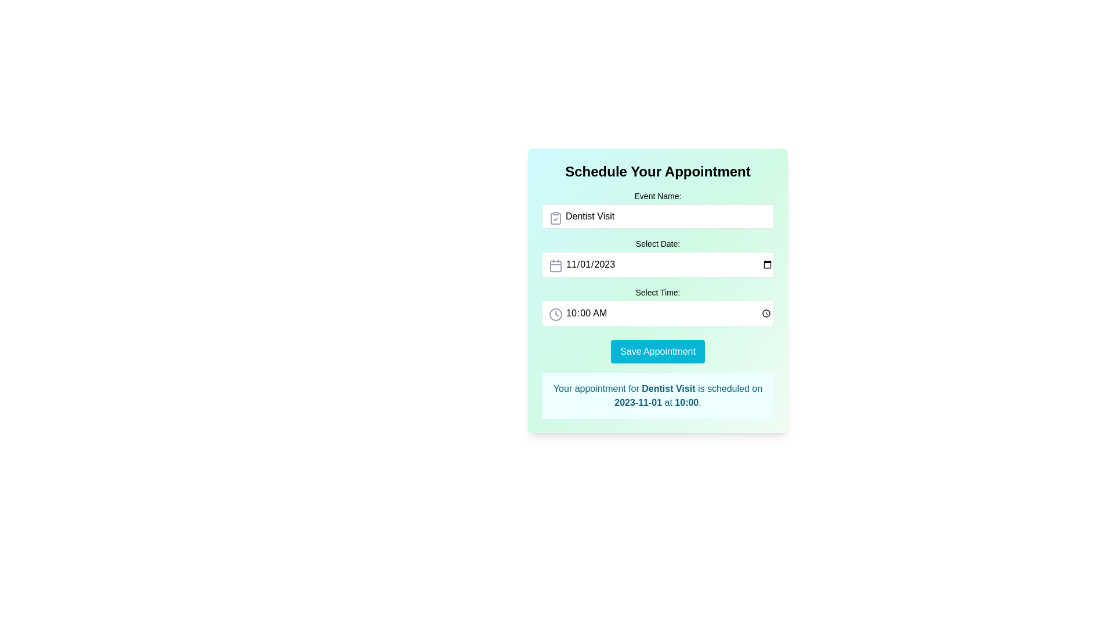 The height and width of the screenshot is (627, 1114). What do you see at coordinates (657, 395) in the screenshot?
I see `static text block that has a light cyan background and cyan text color, containing the bold phrases 'Dentist Visit', '2023-11-01', and '10:00', located beneath the 'Save Appointment' button` at bounding box center [657, 395].